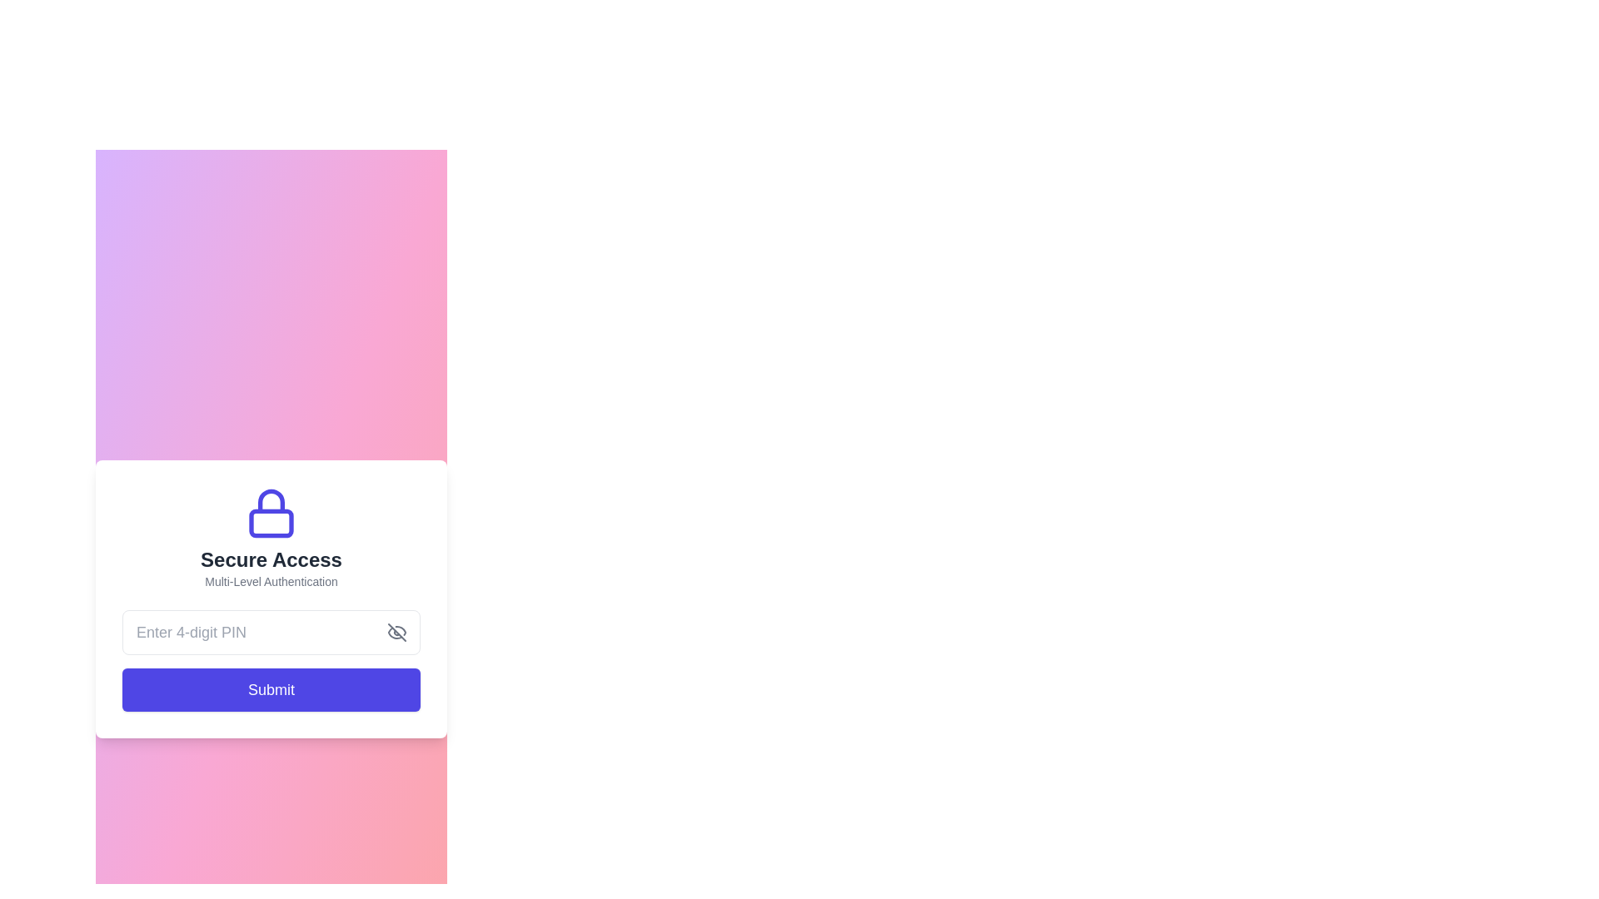 Image resolution: width=1599 pixels, height=899 pixels. What do you see at coordinates (396, 632) in the screenshot?
I see `the eye-off icon button located on the right side of the 'Enter 4-digit PIN' text input field` at bounding box center [396, 632].